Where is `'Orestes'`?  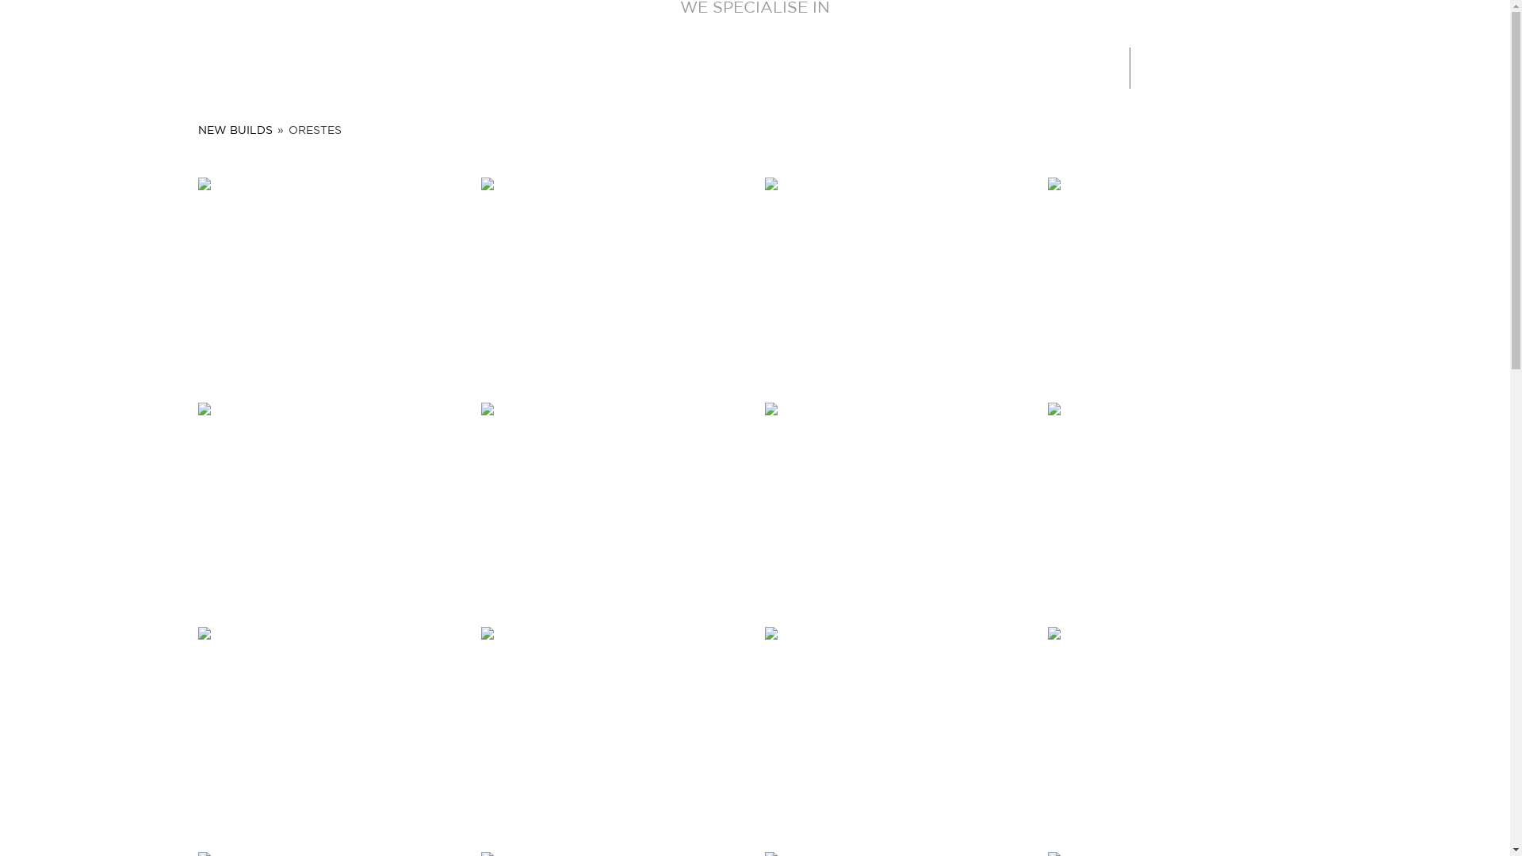 'Orestes' is located at coordinates (197, 279).